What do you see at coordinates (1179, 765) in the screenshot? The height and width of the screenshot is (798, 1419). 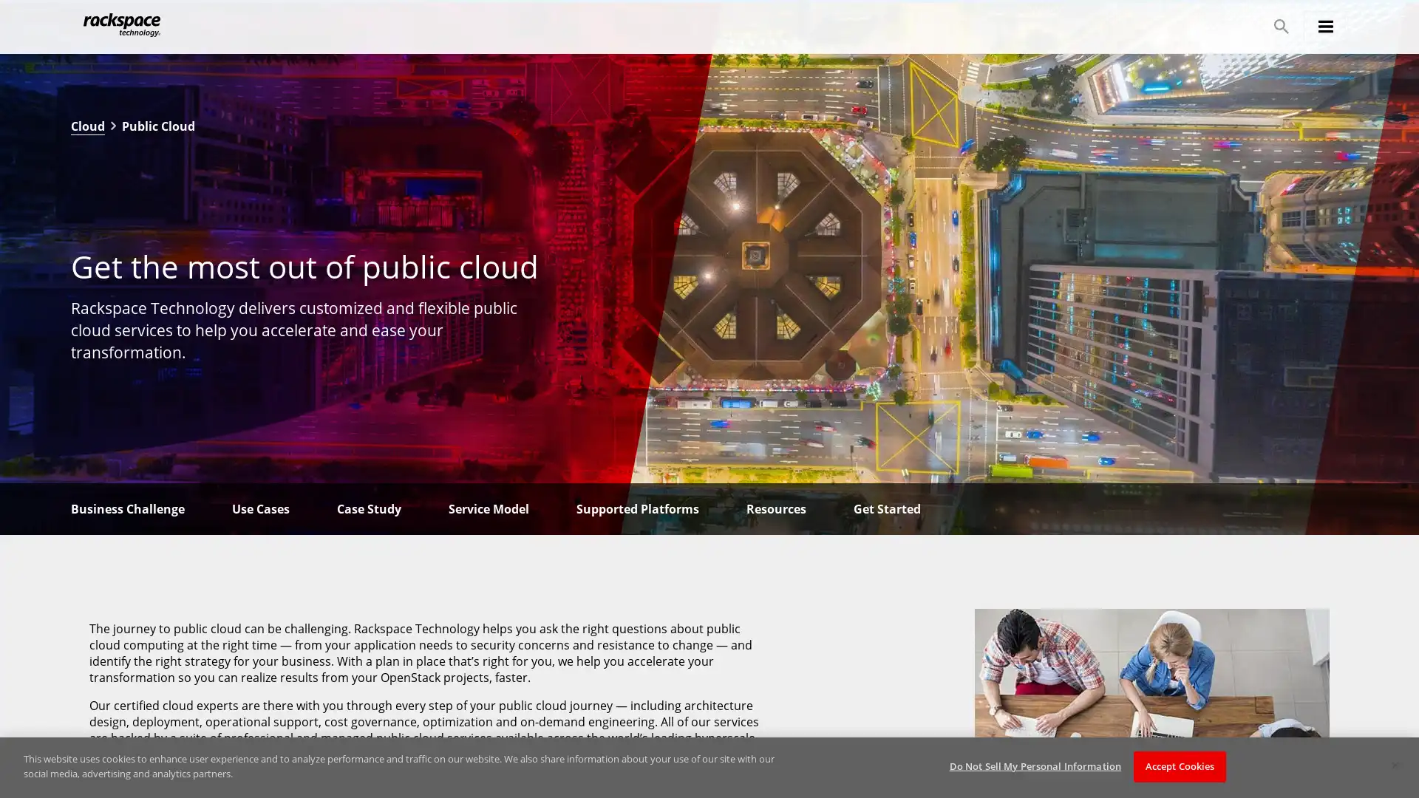 I see `Accept Cookies` at bounding box center [1179, 765].